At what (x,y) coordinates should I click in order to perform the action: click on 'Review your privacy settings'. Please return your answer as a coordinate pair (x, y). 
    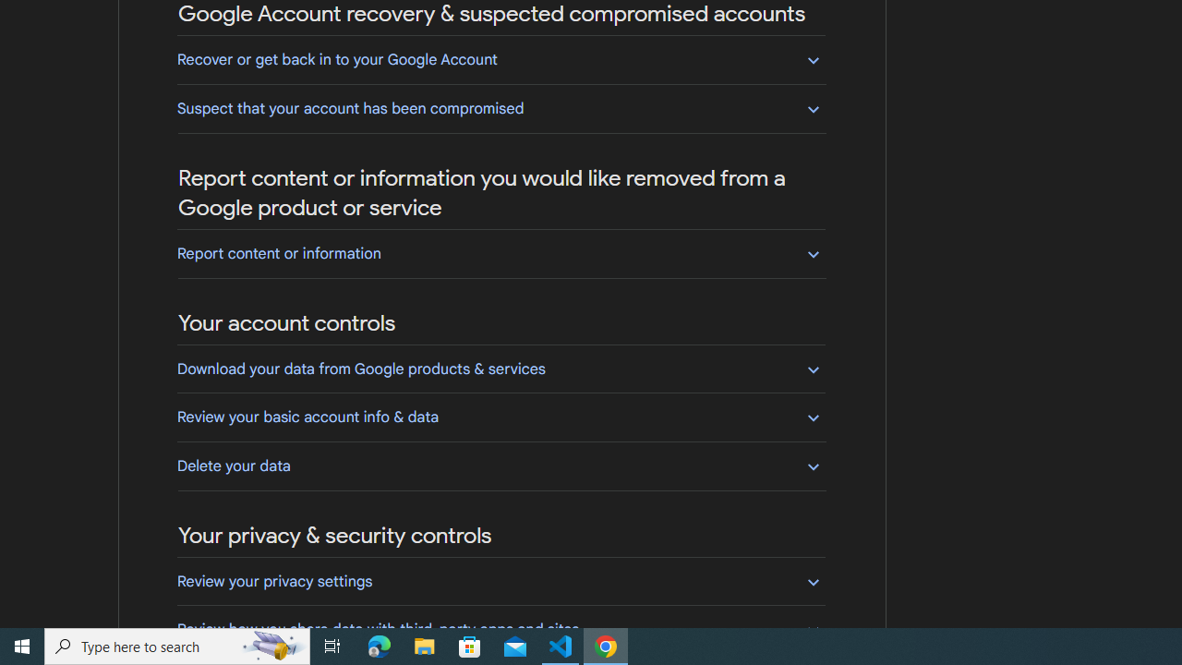
    Looking at the image, I should click on (501, 580).